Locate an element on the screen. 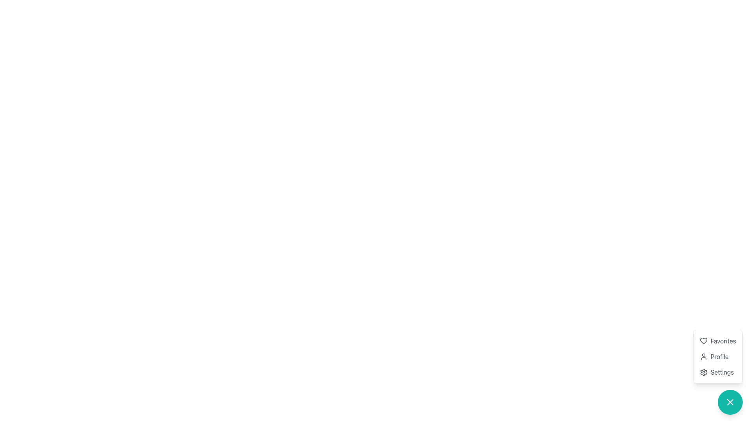 This screenshot has width=749, height=421. the 'Favorites' label positioned at the top of the vertical menu list, adjacent to the heart-shaped icon, to visually associate it with its icon and infer its purpose is located at coordinates (723, 341).